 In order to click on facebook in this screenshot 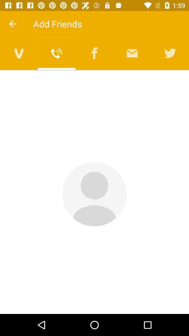, I will do `click(94, 53)`.